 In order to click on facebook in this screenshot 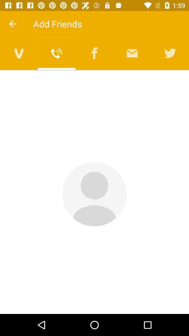, I will do `click(94, 53)`.